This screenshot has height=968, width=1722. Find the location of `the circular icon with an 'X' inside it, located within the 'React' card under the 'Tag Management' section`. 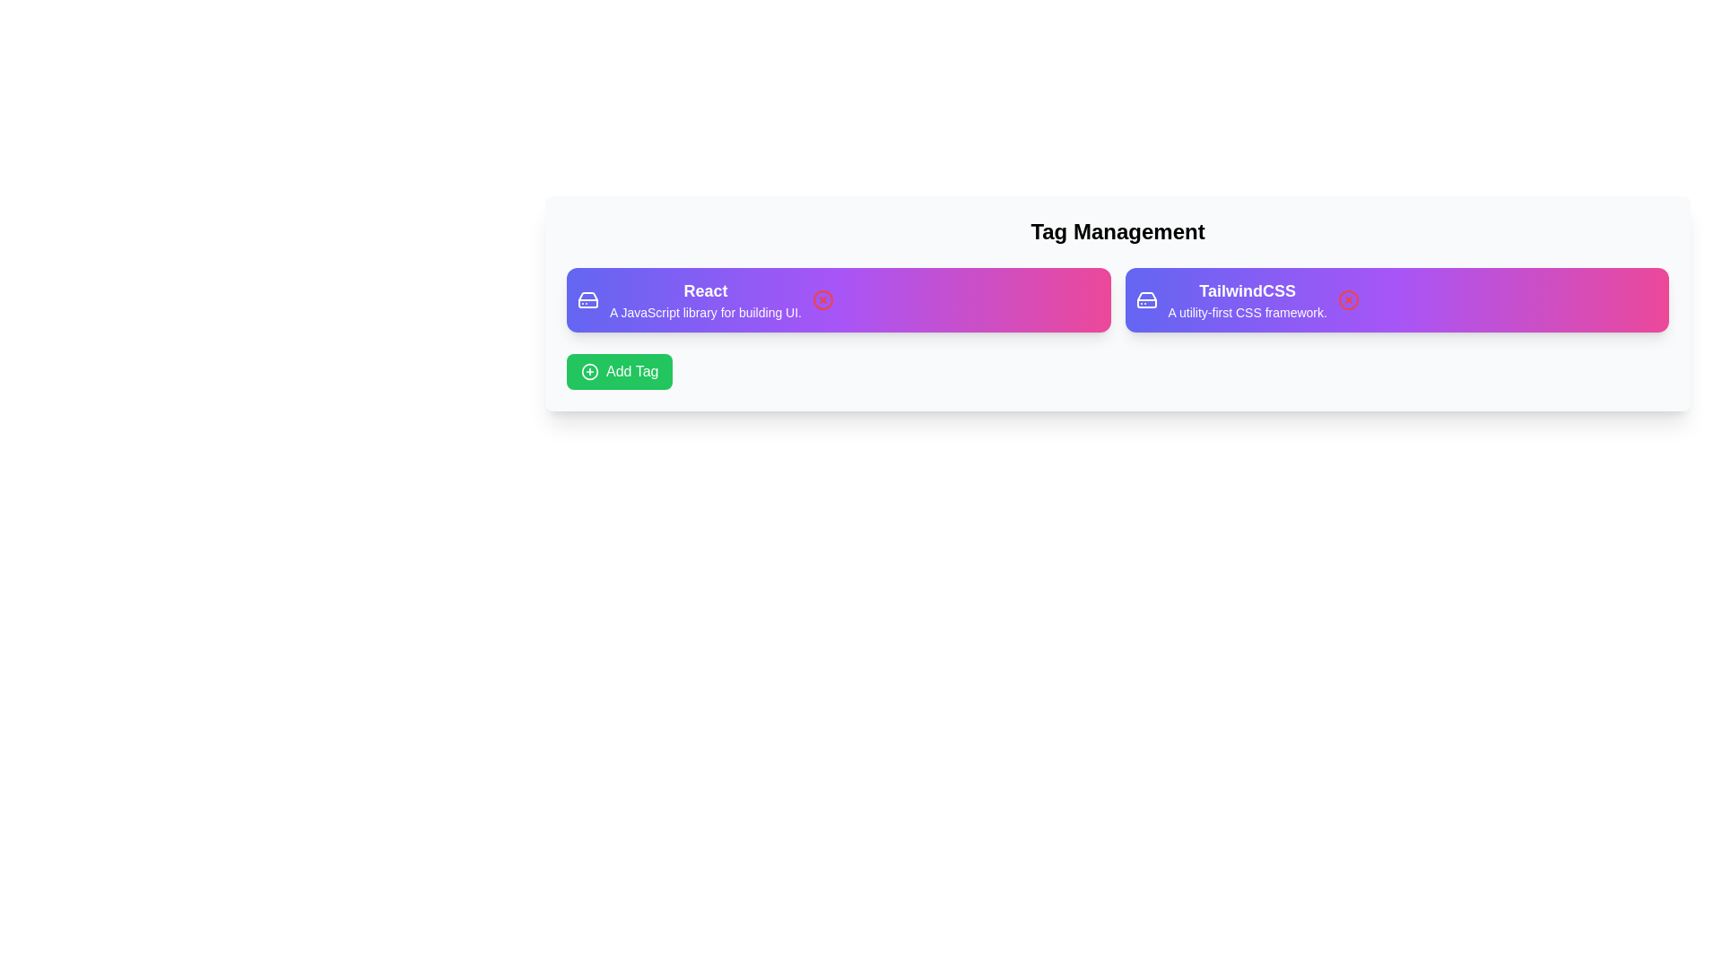

the circular icon with an 'X' inside it, located within the 'React' card under the 'Tag Management' section is located at coordinates (822, 299).